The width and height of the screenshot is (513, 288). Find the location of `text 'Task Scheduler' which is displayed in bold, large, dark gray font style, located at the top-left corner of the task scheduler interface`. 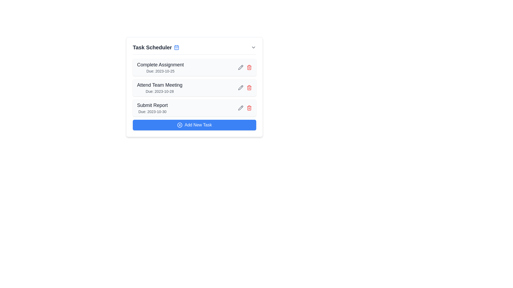

text 'Task Scheduler' which is displayed in bold, large, dark gray font style, located at the top-left corner of the task scheduler interface is located at coordinates (156, 47).